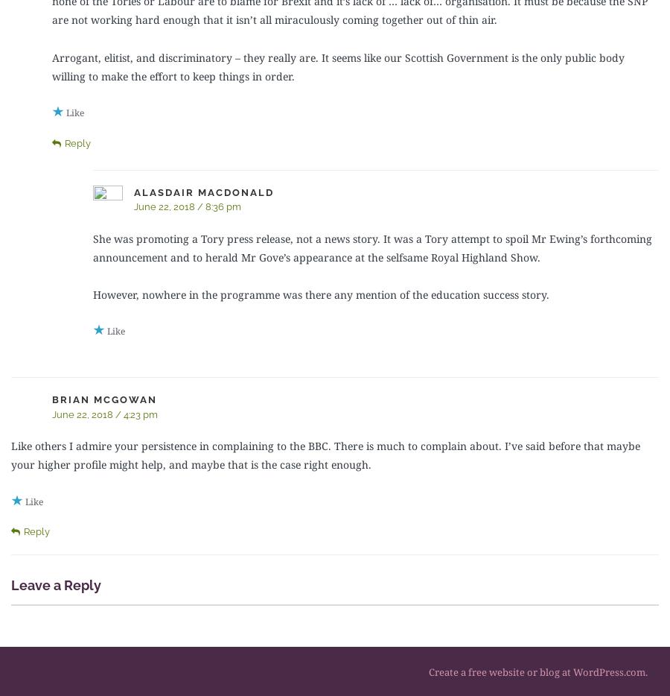 The height and width of the screenshot is (696, 670). I want to click on 'Leave a Reply', so click(55, 583).